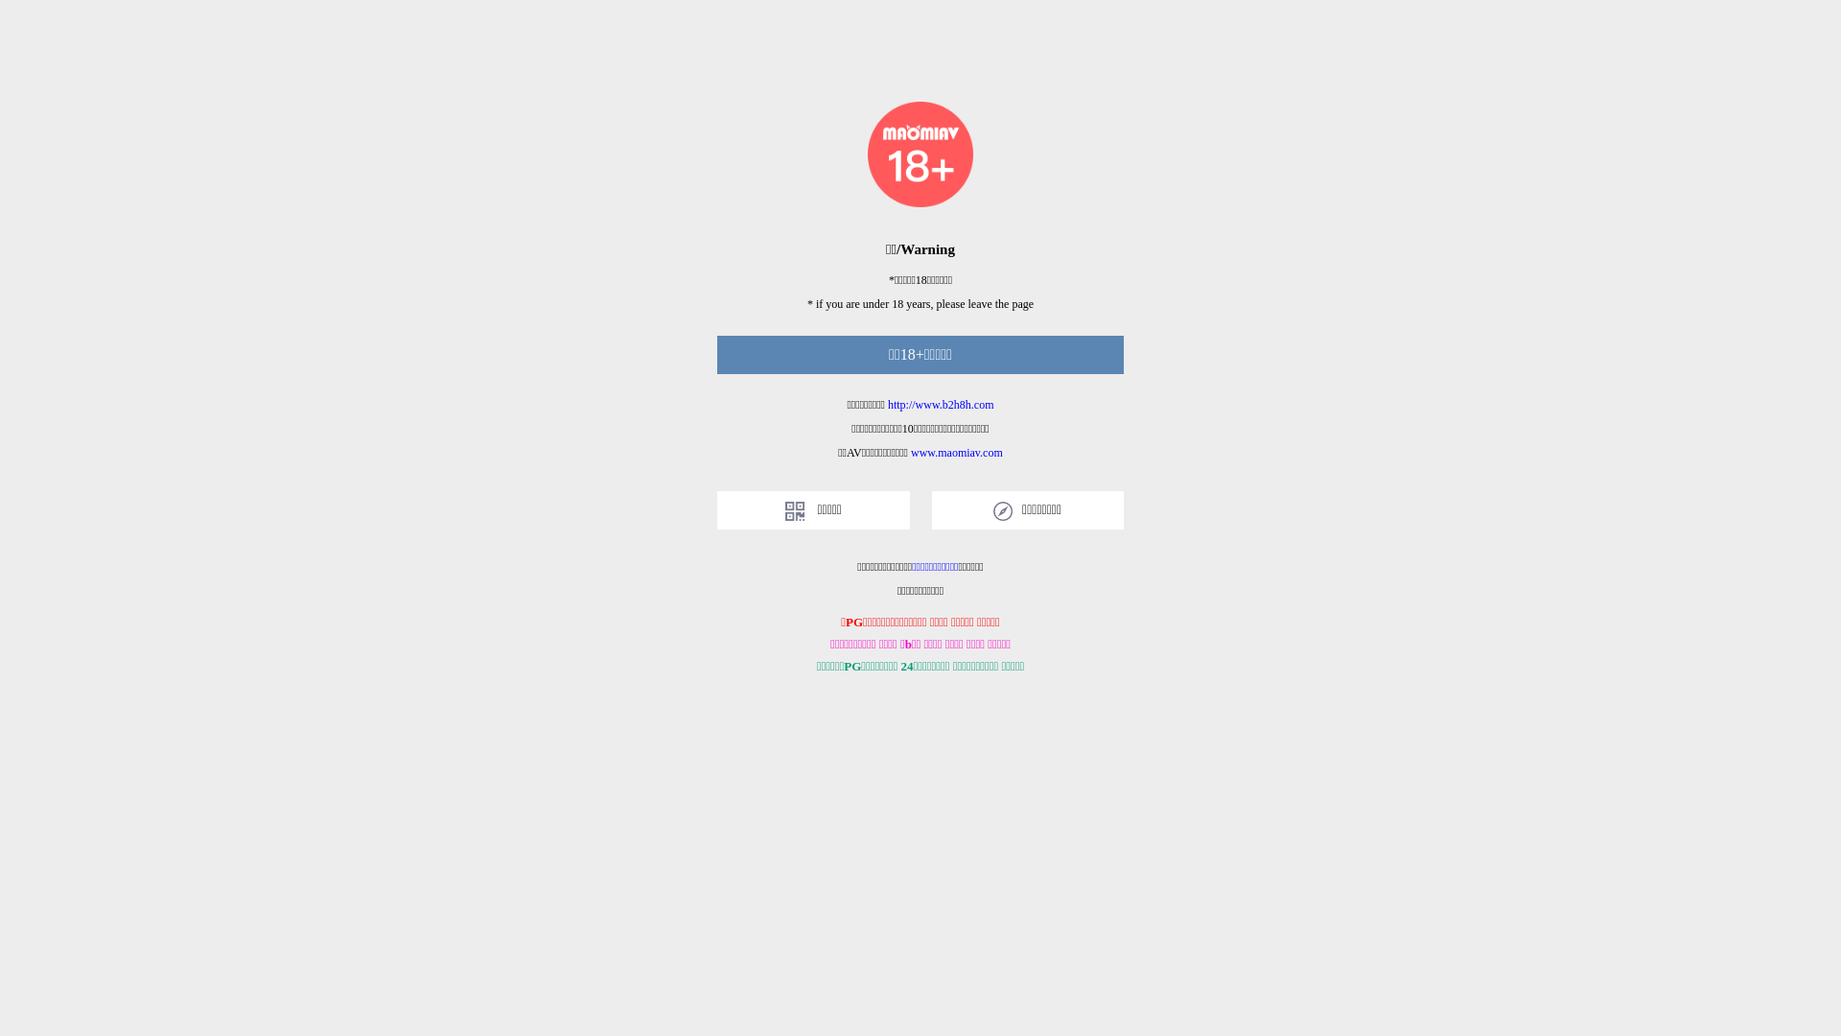 This screenshot has width=1841, height=1036. I want to click on 'www.maomiav.com', so click(910, 452).